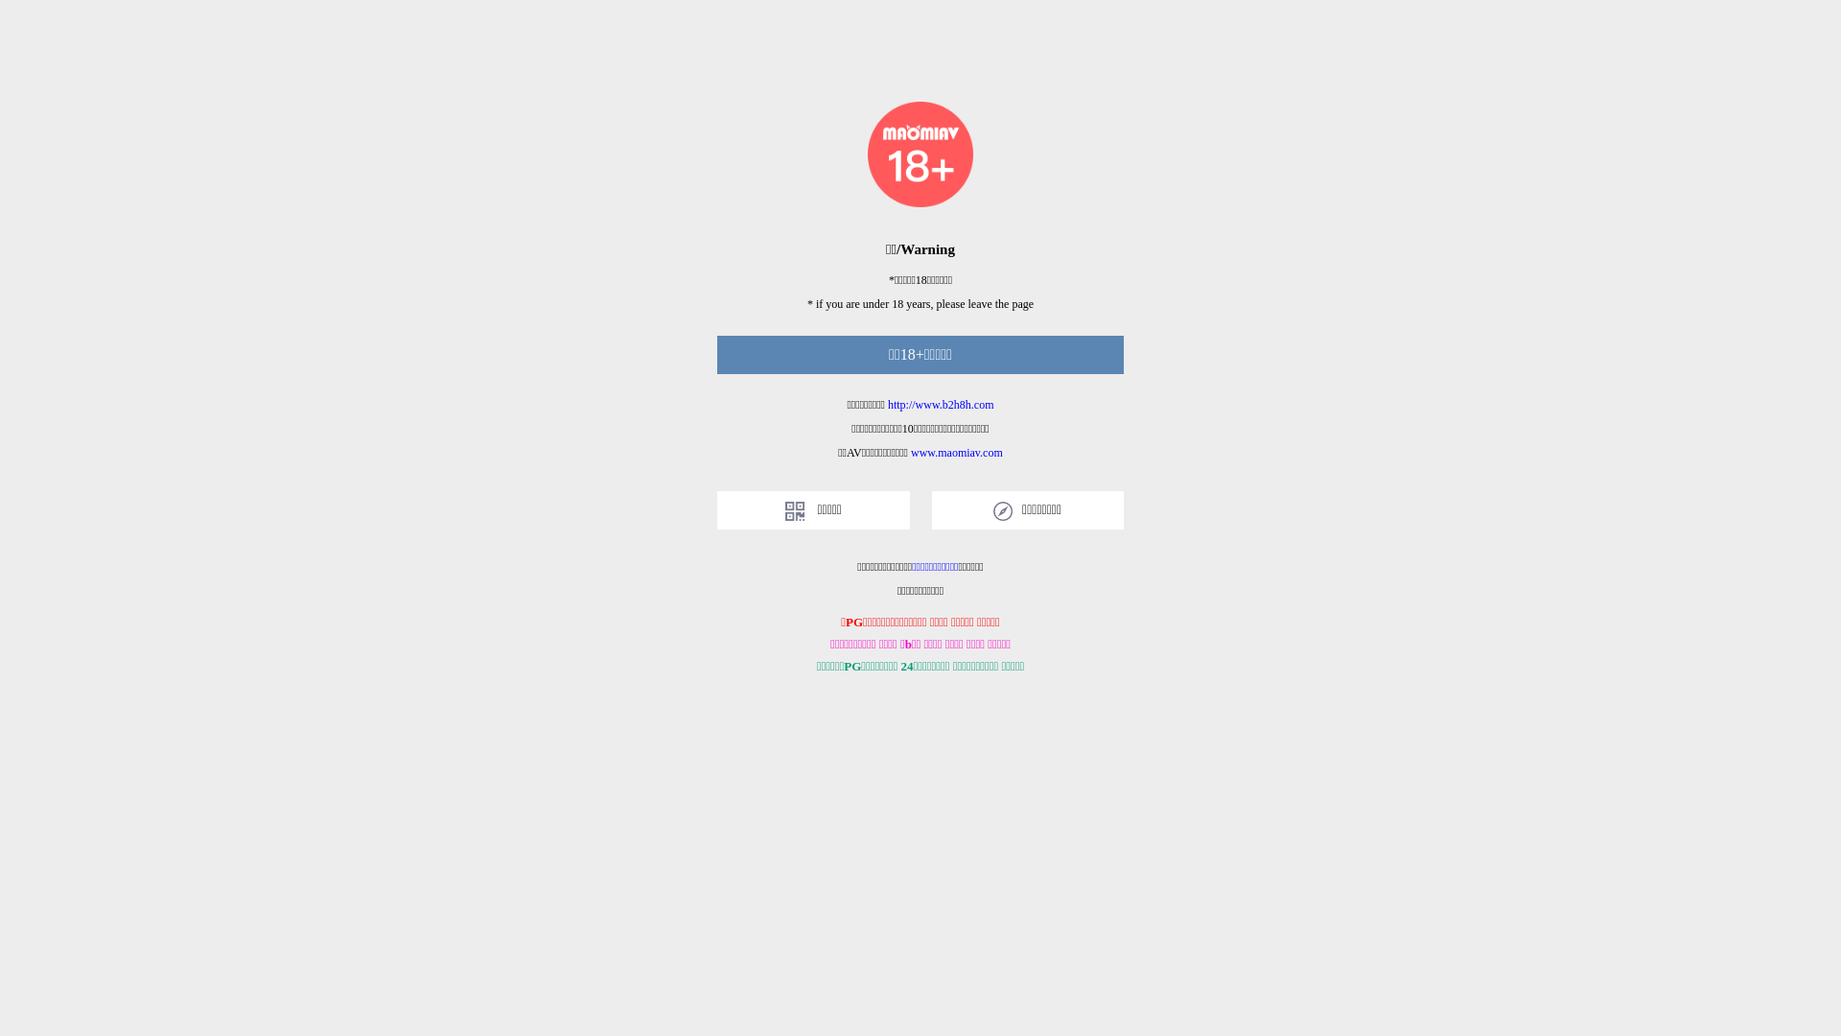 This screenshot has width=1841, height=1036. I want to click on 'www.maomiav.com', so click(910, 452).